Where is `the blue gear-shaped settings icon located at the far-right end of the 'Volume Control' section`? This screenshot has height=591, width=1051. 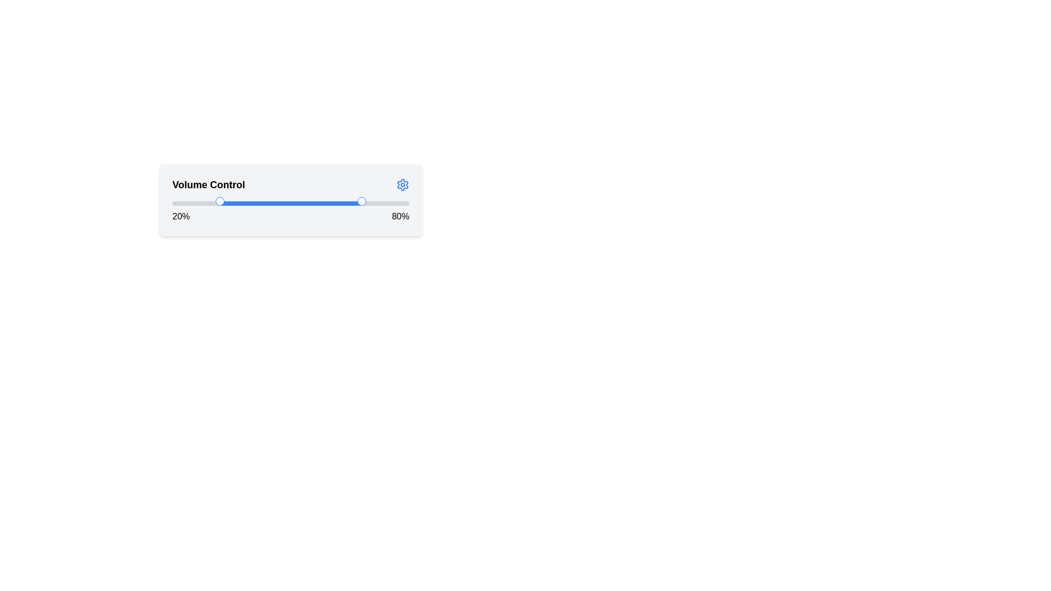 the blue gear-shaped settings icon located at the far-right end of the 'Volume Control' section is located at coordinates (402, 184).